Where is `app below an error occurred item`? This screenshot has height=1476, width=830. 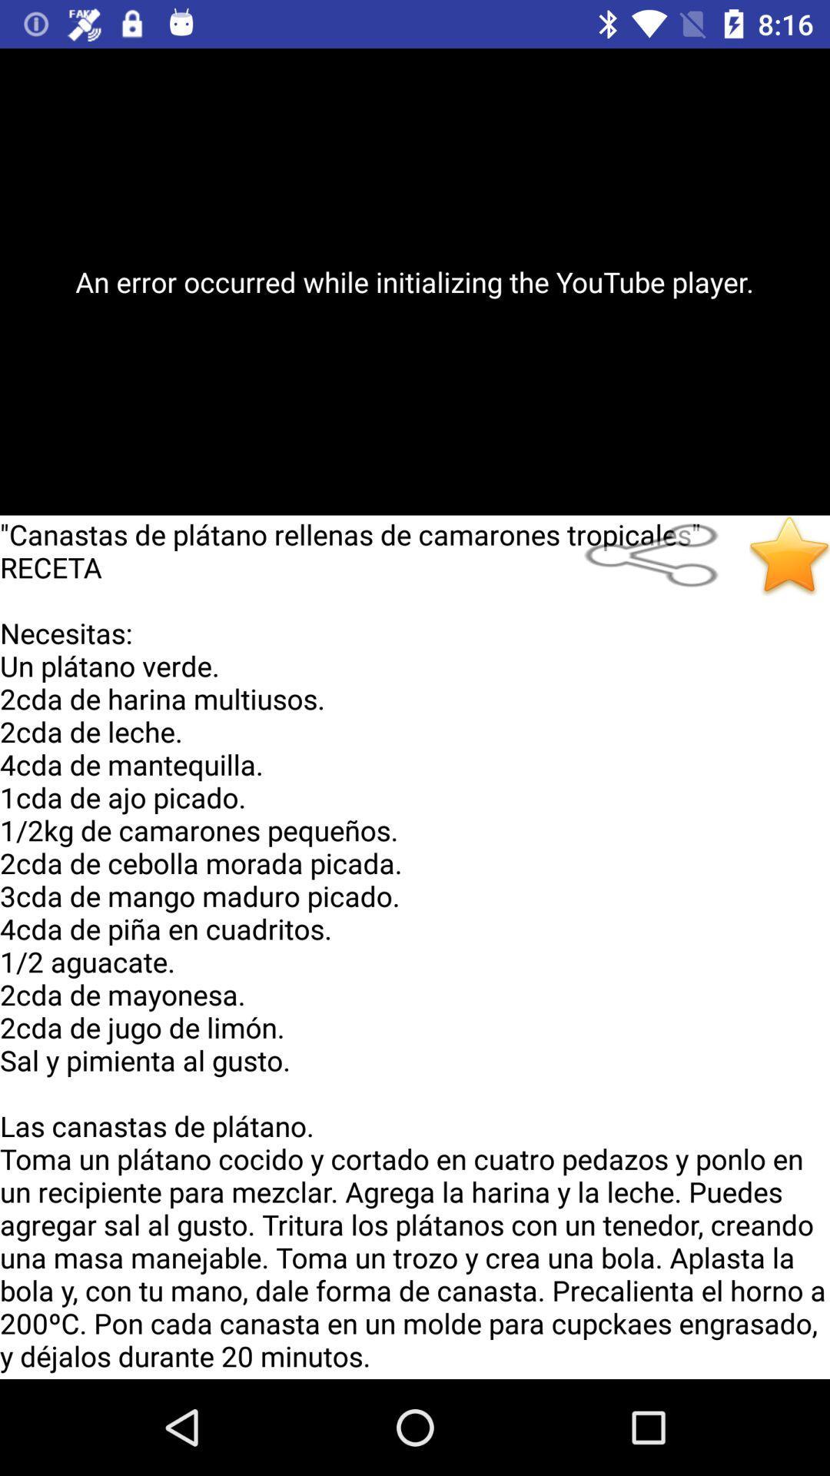
app below an error occurred item is located at coordinates (659, 555).